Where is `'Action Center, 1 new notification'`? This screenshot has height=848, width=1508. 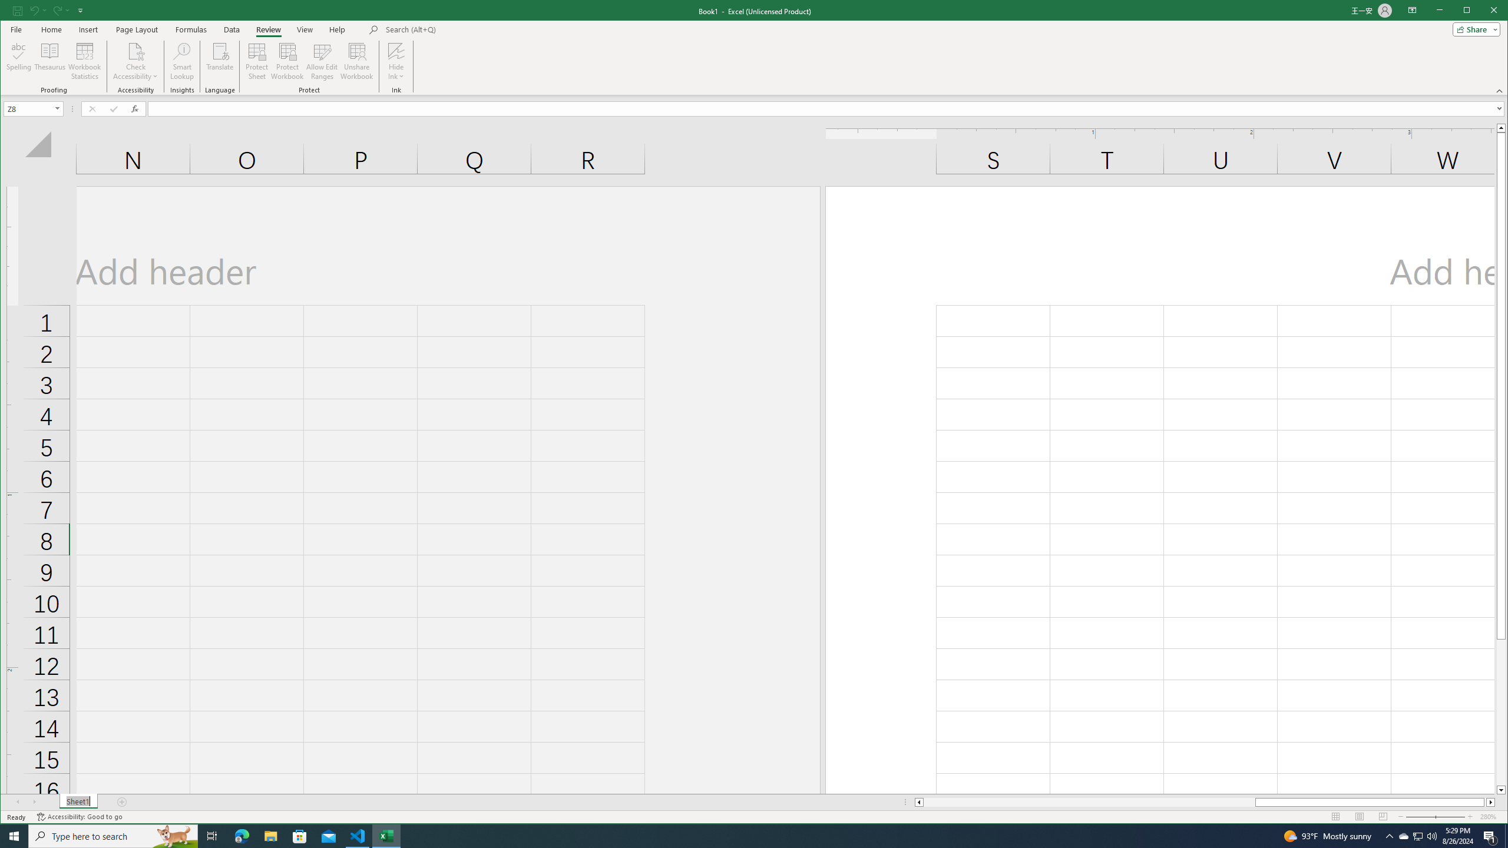 'Action Center, 1 new notification' is located at coordinates (1490, 835).